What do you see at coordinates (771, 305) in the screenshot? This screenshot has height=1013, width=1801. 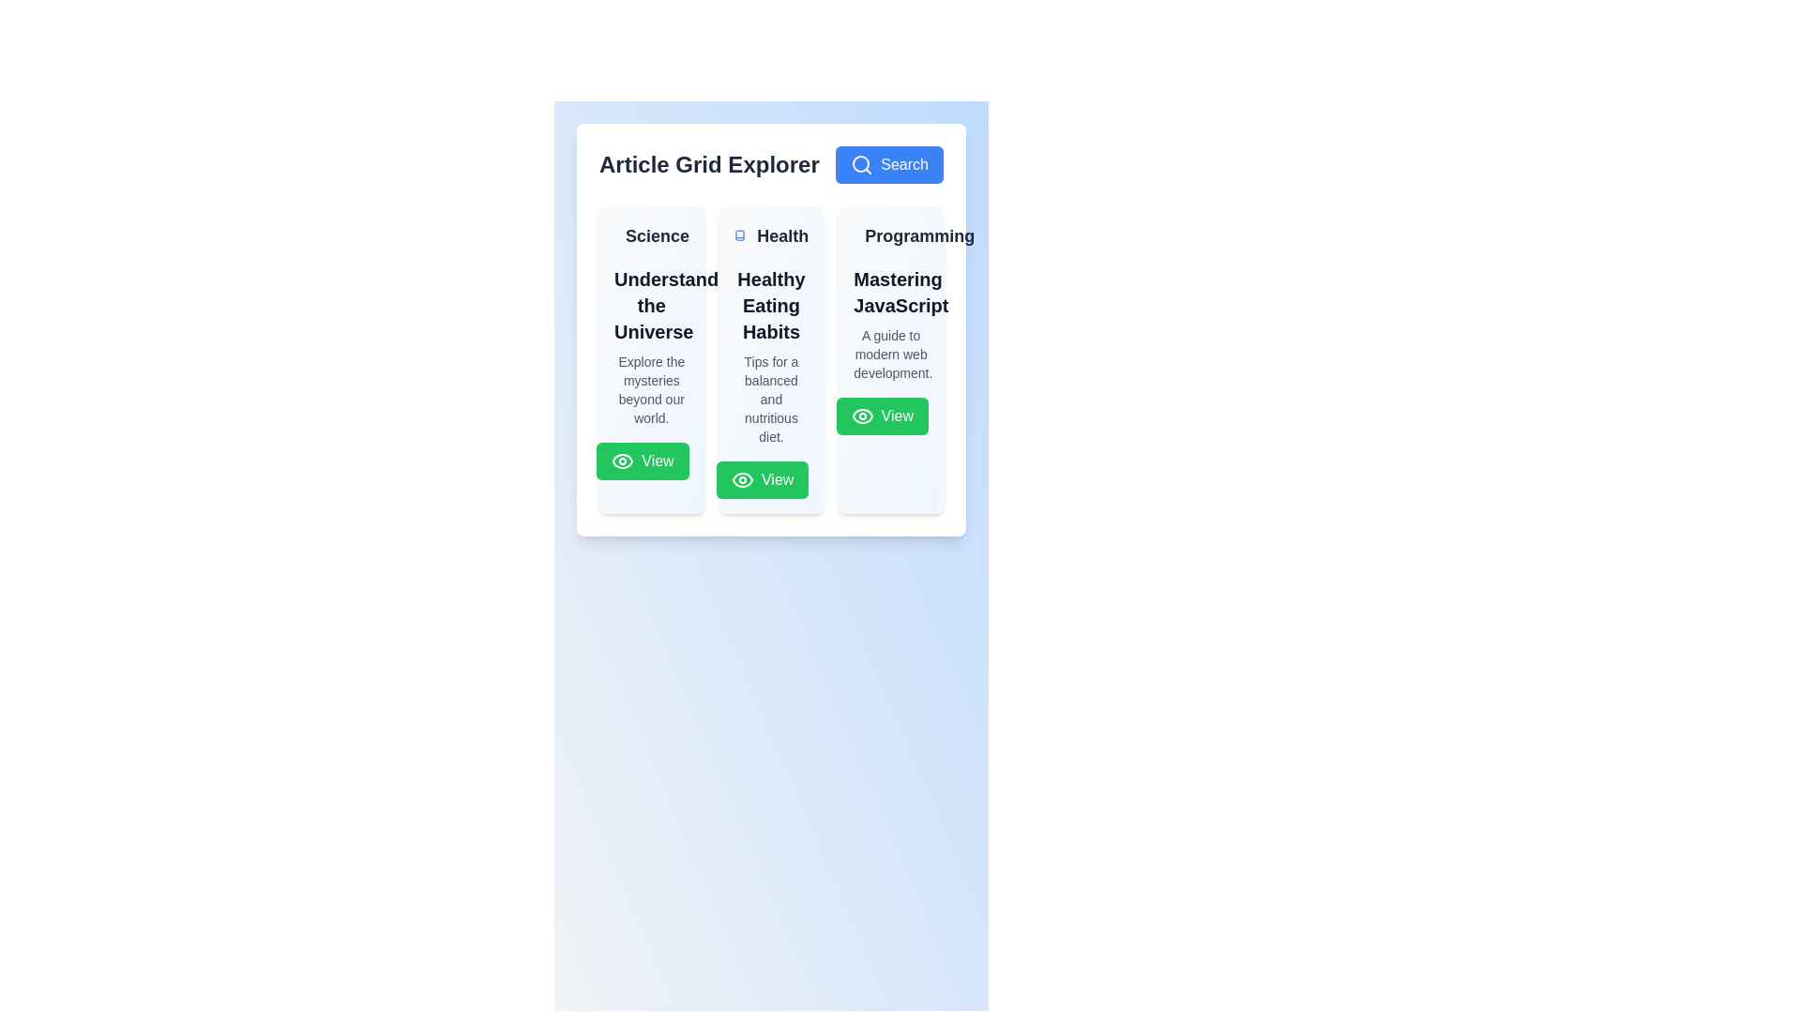 I see `text heading for the 'Healthy Eating Habits' section, which is centrally placed in the second column of the grid under the 'Health' category heading` at bounding box center [771, 305].